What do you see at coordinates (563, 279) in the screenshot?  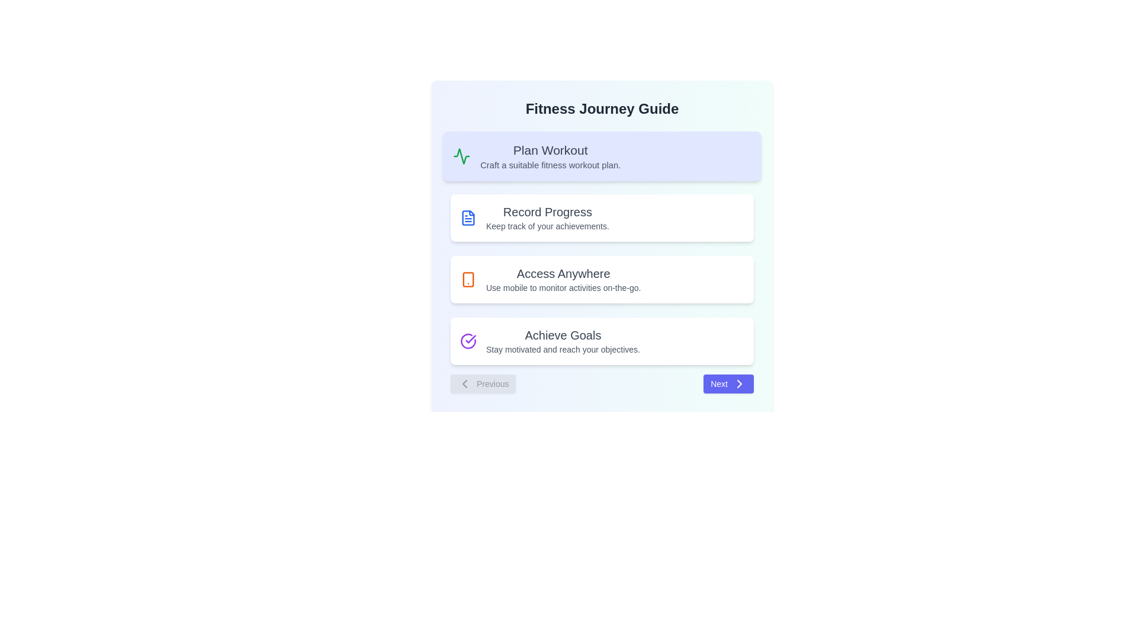 I see `the informational text block that communicates the feature of mobile accessibility for monitoring activities on the go, which is centrally positioned between the 'Record Progress' and 'Achieve Goals' blocks` at bounding box center [563, 279].